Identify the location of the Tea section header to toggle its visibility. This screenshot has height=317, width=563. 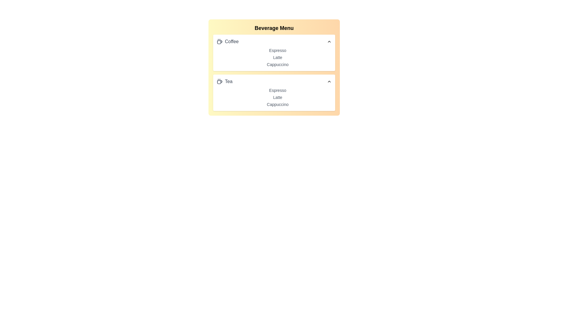
(274, 81).